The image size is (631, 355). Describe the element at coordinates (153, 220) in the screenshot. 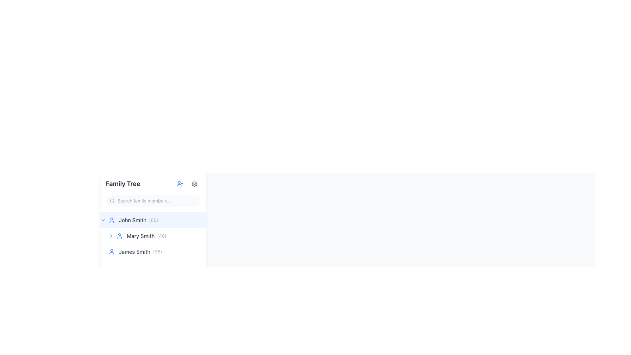

I see `value of the Text label associated with 'John Smith', which is positioned immediately to the right of the name in a light blue highlighted row` at that location.